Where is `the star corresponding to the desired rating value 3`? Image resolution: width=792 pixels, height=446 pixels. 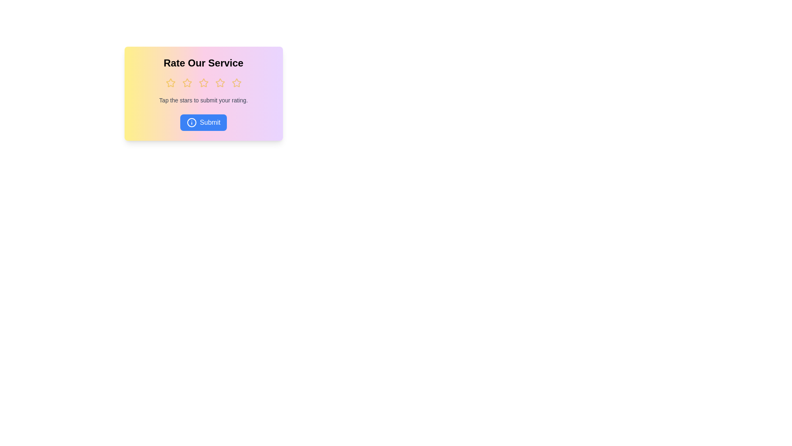
the star corresponding to the desired rating value 3 is located at coordinates (203, 83).